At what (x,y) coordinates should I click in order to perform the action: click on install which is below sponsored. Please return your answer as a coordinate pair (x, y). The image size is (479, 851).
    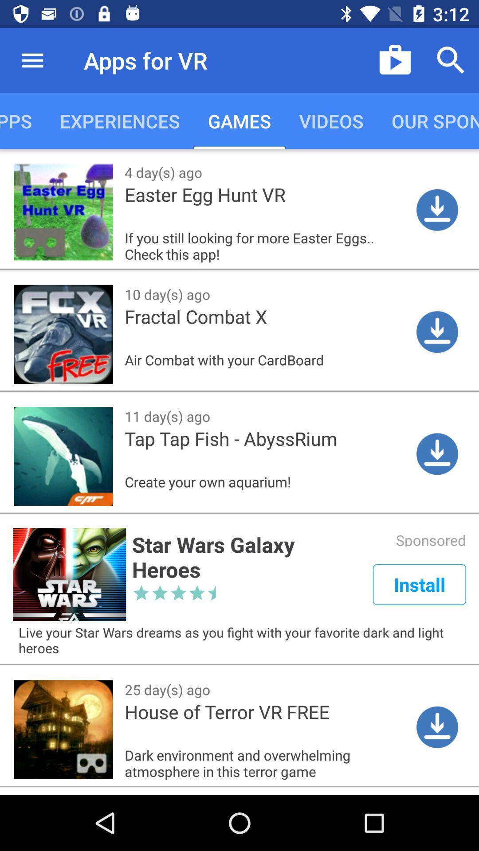
    Looking at the image, I should click on (419, 585).